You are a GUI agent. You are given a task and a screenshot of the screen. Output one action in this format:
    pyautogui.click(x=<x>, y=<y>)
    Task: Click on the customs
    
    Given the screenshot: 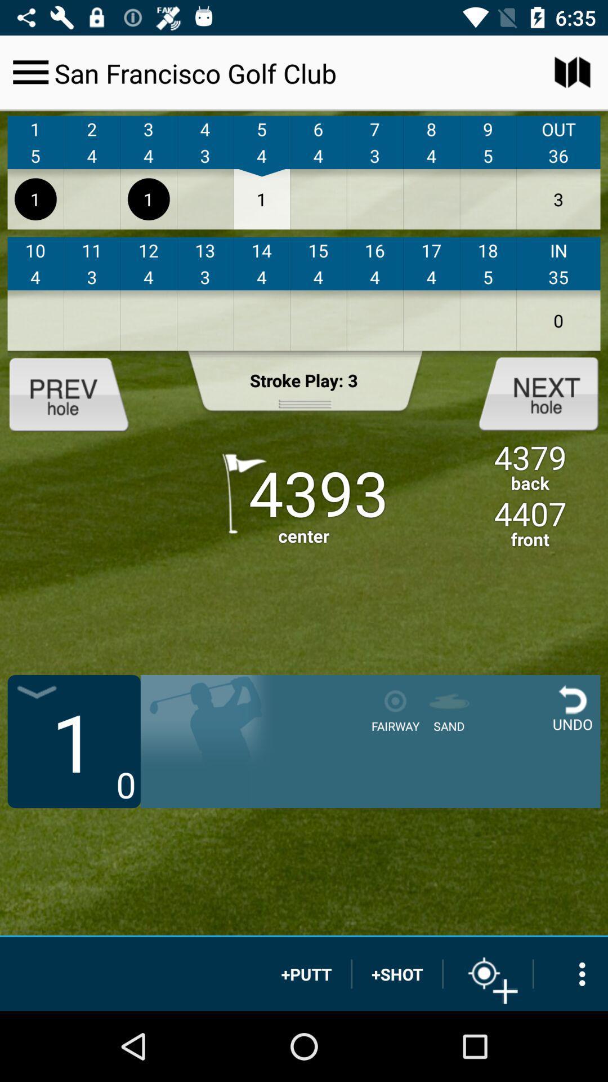 What is the action you would take?
    pyautogui.click(x=30, y=72)
    